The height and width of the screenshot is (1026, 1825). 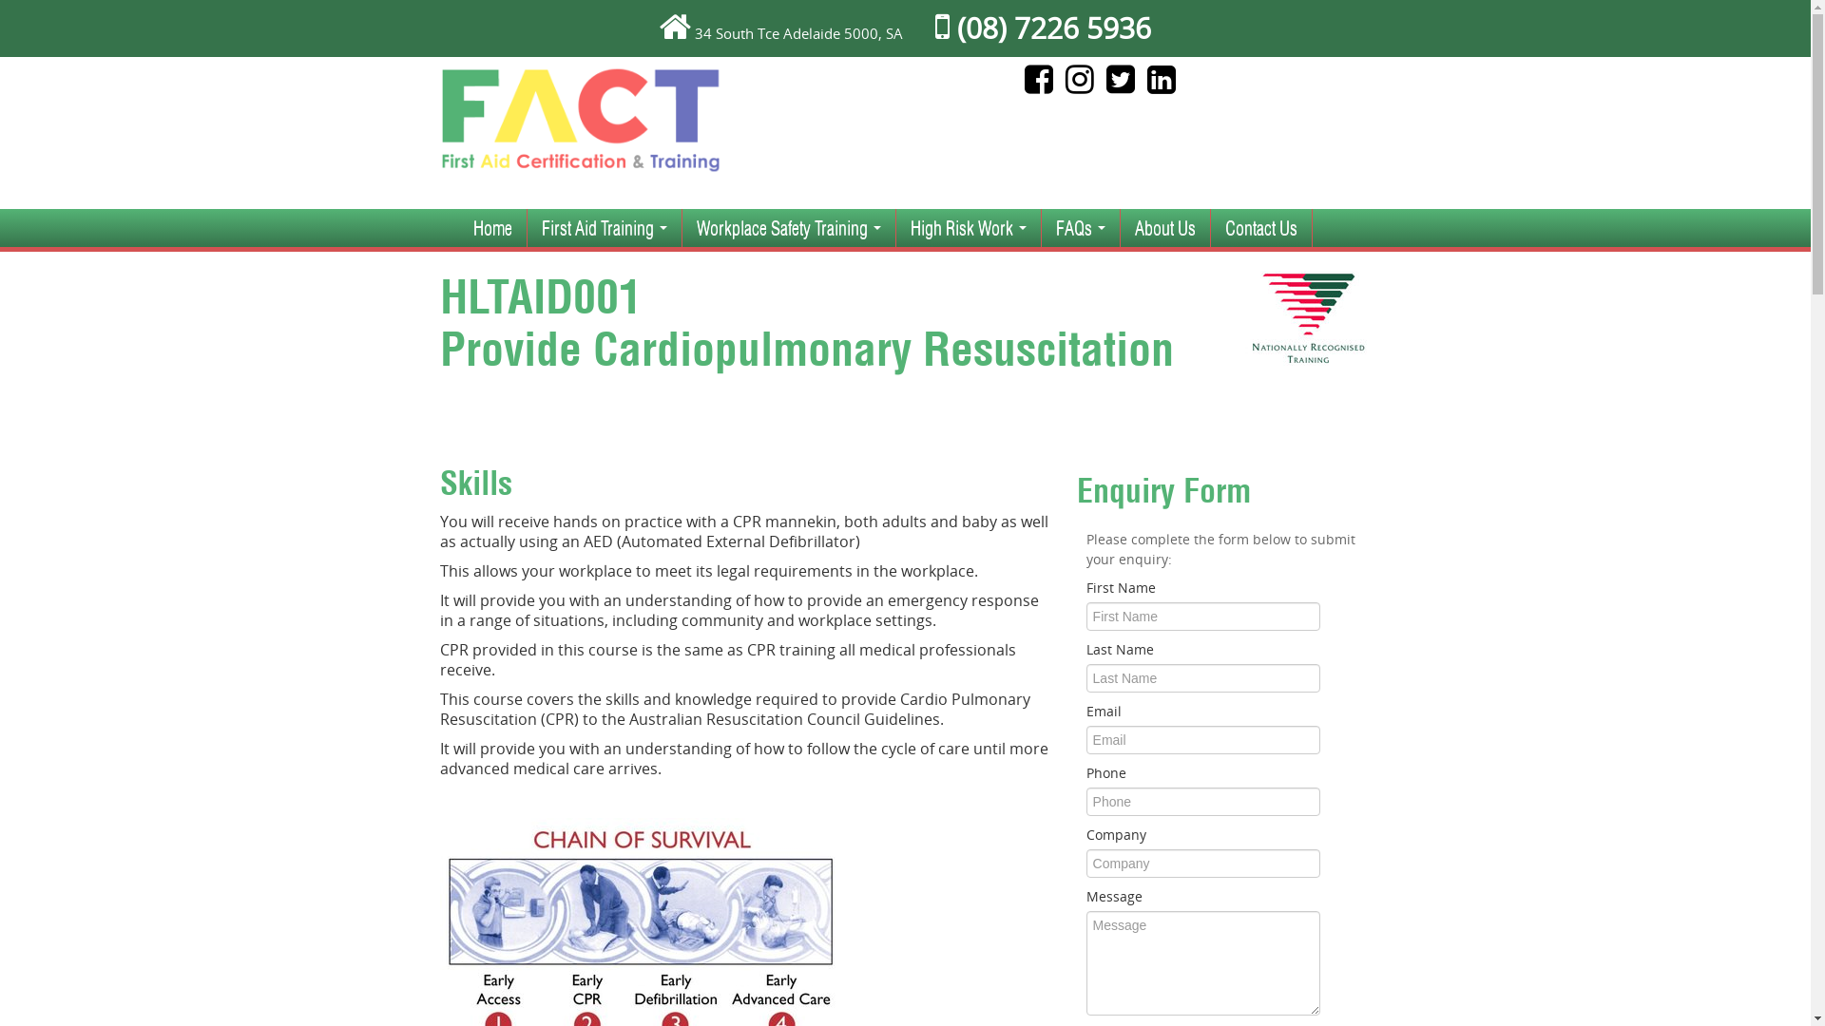 What do you see at coordinates (491, 226) in the screenshot?
I see `'Home'` at bounding box center [491, 226].